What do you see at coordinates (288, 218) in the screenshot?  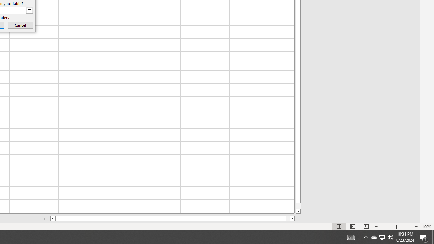 I see `'Page right'` at bounding box center [288, 218].